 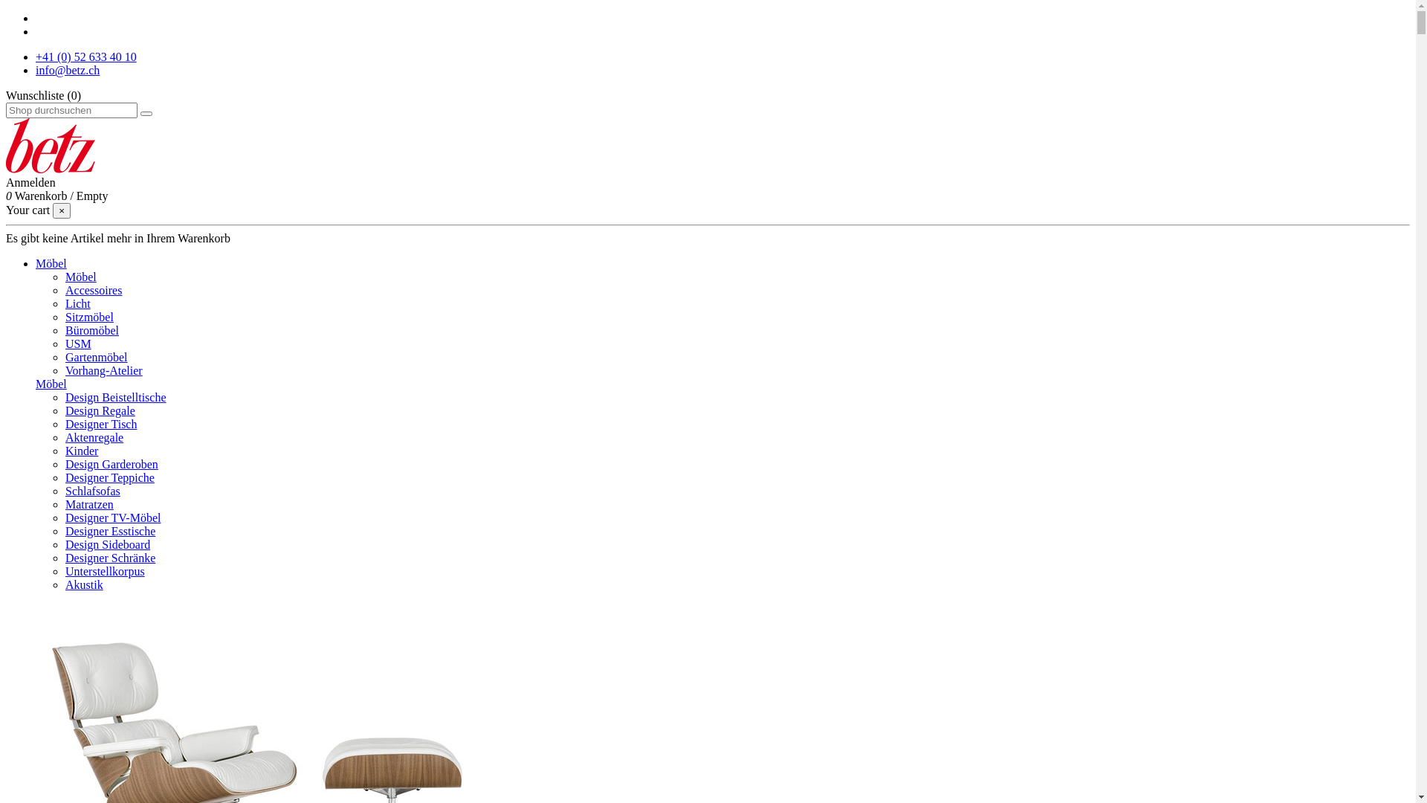 I want to click on '+41 (0) 52 633 40 10', so click(x=85, y=56).